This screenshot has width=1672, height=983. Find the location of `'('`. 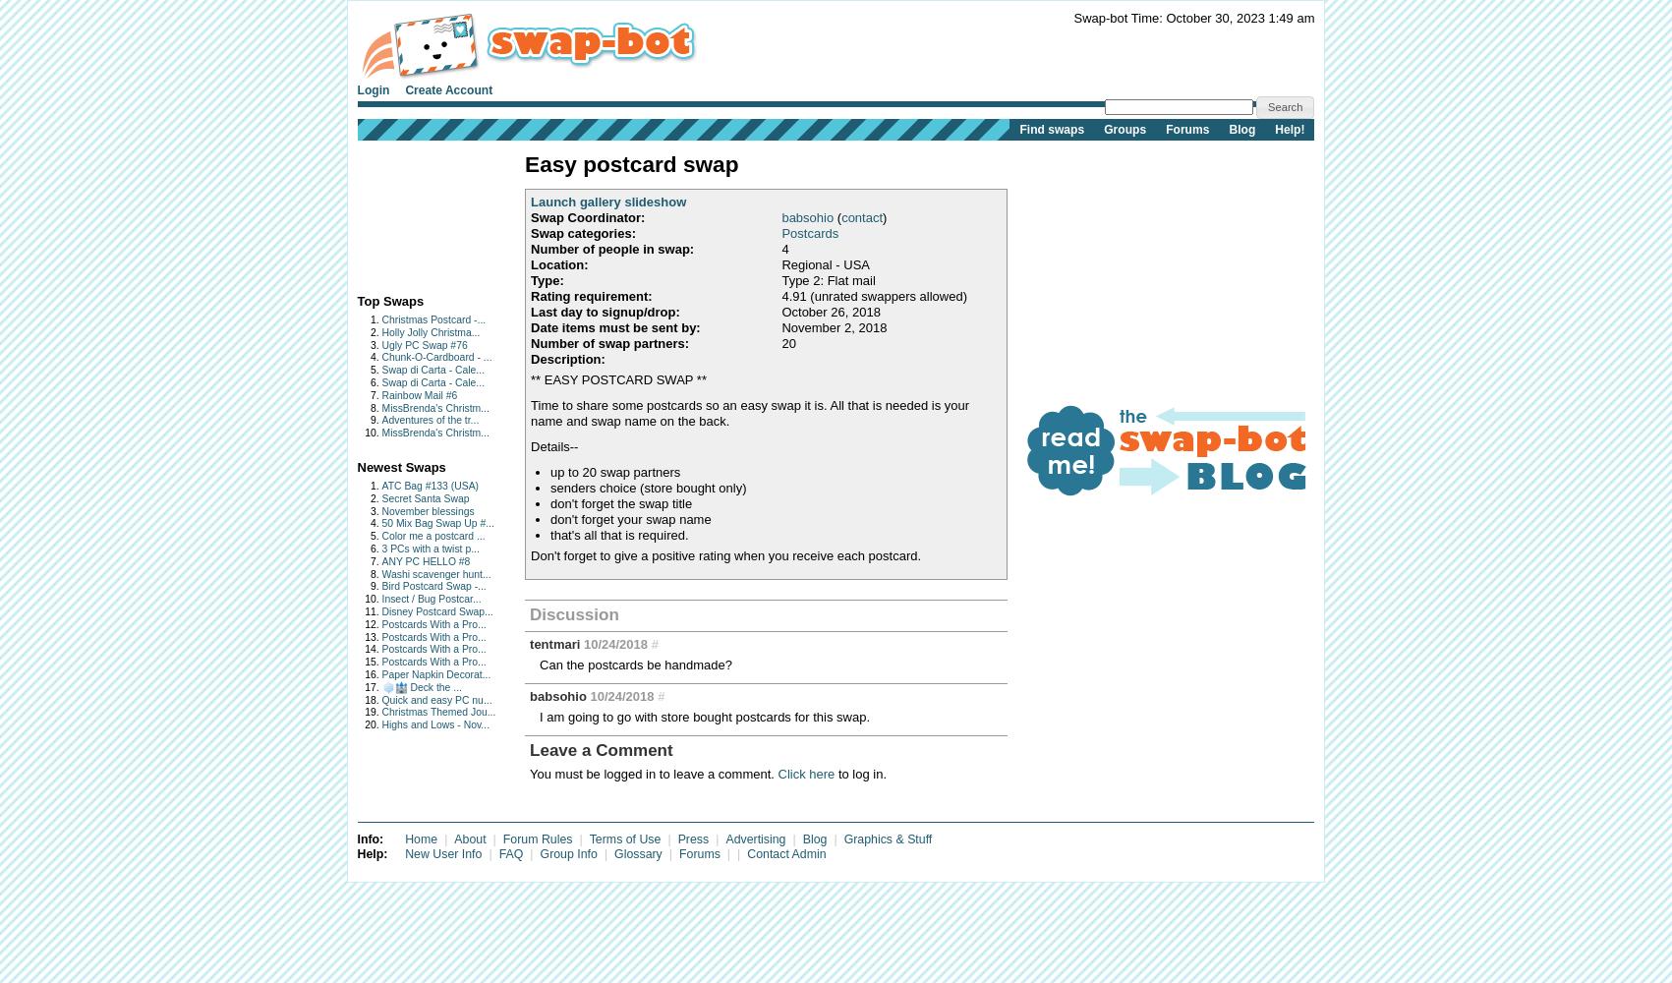

'(' is located at coordinates (836, 215).